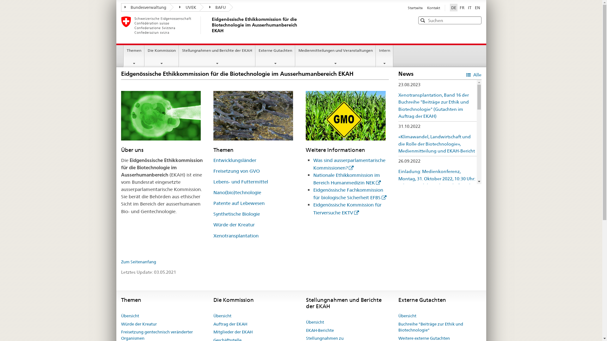  Describe the element at coordinates (236, 171) in the screenshot. I see `'Freisetzung von GVO'` at that location.